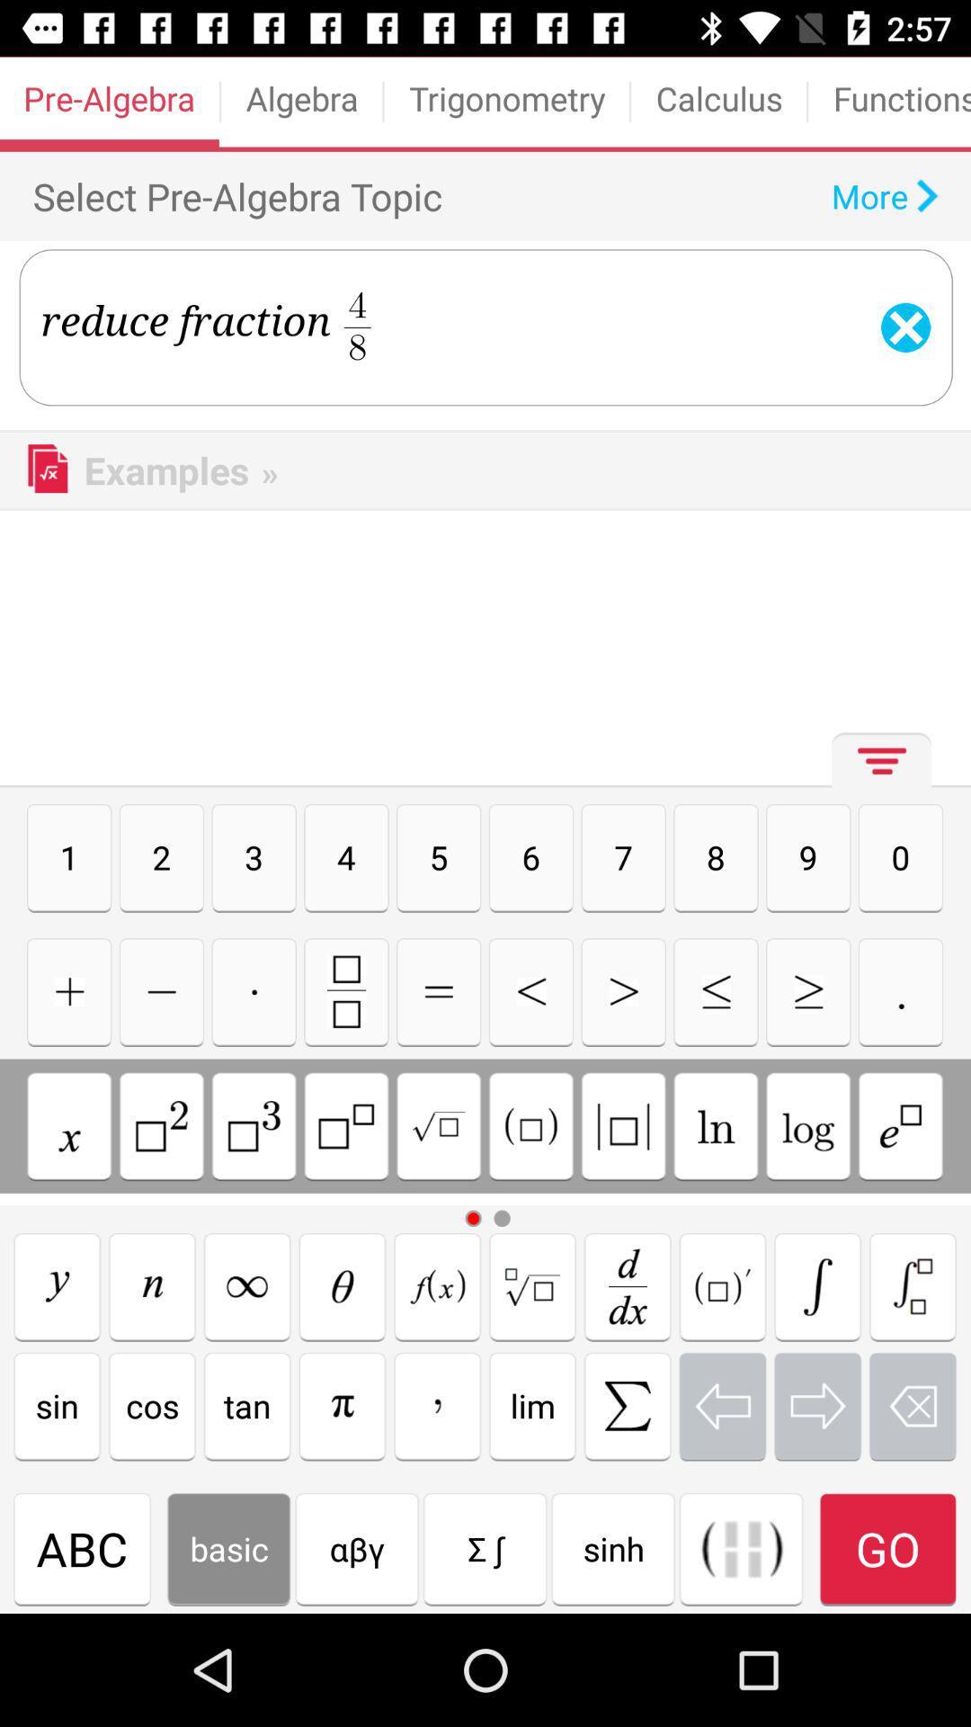 This screenshot has height=1727, width=971. Describe the element at coordinates (68, 1125) in the screenshot. I see `insert x variable` at that location.